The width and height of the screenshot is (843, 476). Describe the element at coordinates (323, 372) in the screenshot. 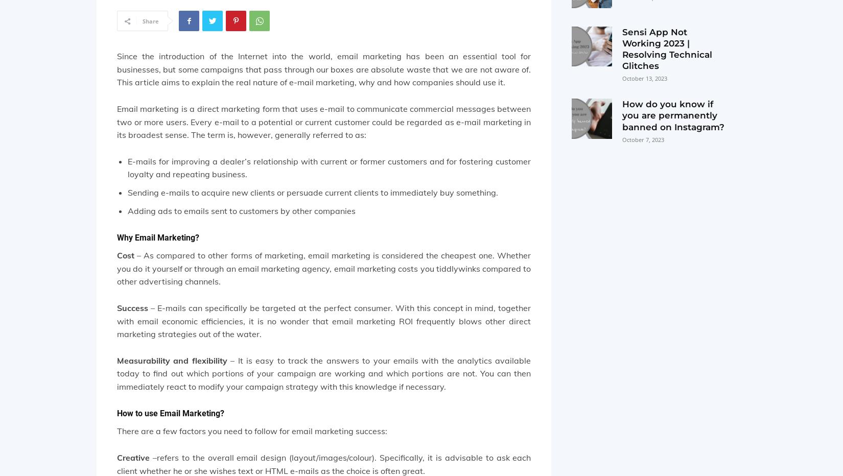

I see `'– It is easy to track the answers to your emails with the analytics available today to find out which portions of your campaign are working and which portions are not. You can then immediately react to modify your campaign strategy with this knowledge if necessary.'` at that location.